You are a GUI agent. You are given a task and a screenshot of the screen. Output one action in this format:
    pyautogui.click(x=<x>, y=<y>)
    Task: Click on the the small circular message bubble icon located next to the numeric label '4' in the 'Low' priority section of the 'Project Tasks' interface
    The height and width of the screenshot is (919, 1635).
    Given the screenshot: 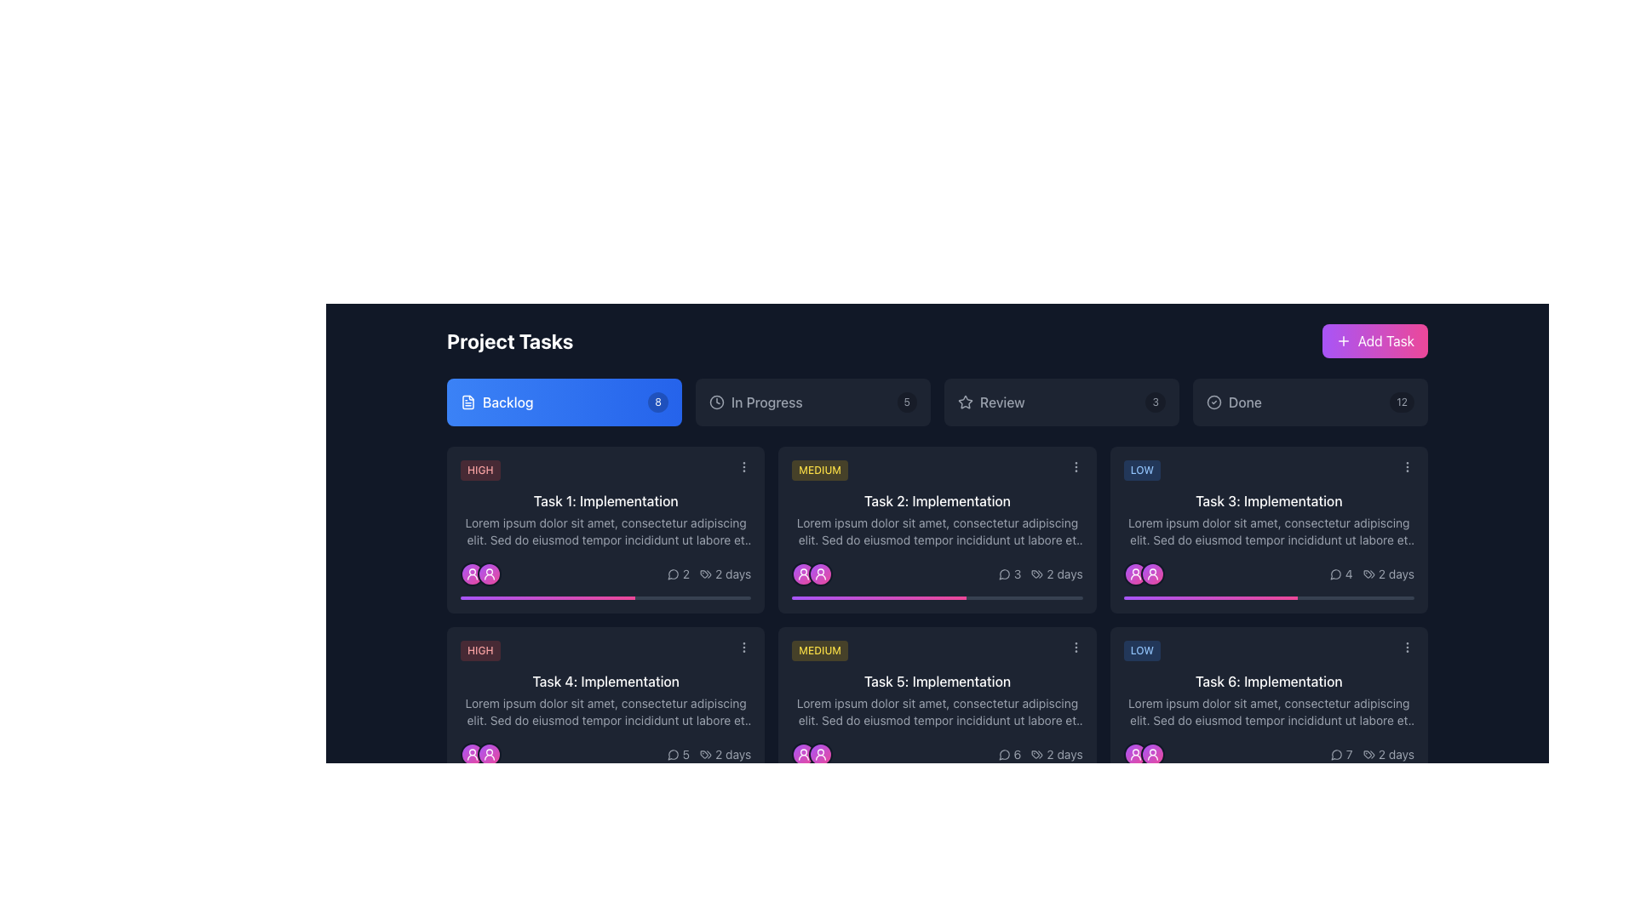 What is the action you would take?
    pyautogui.click(x=1334, y=574)
    